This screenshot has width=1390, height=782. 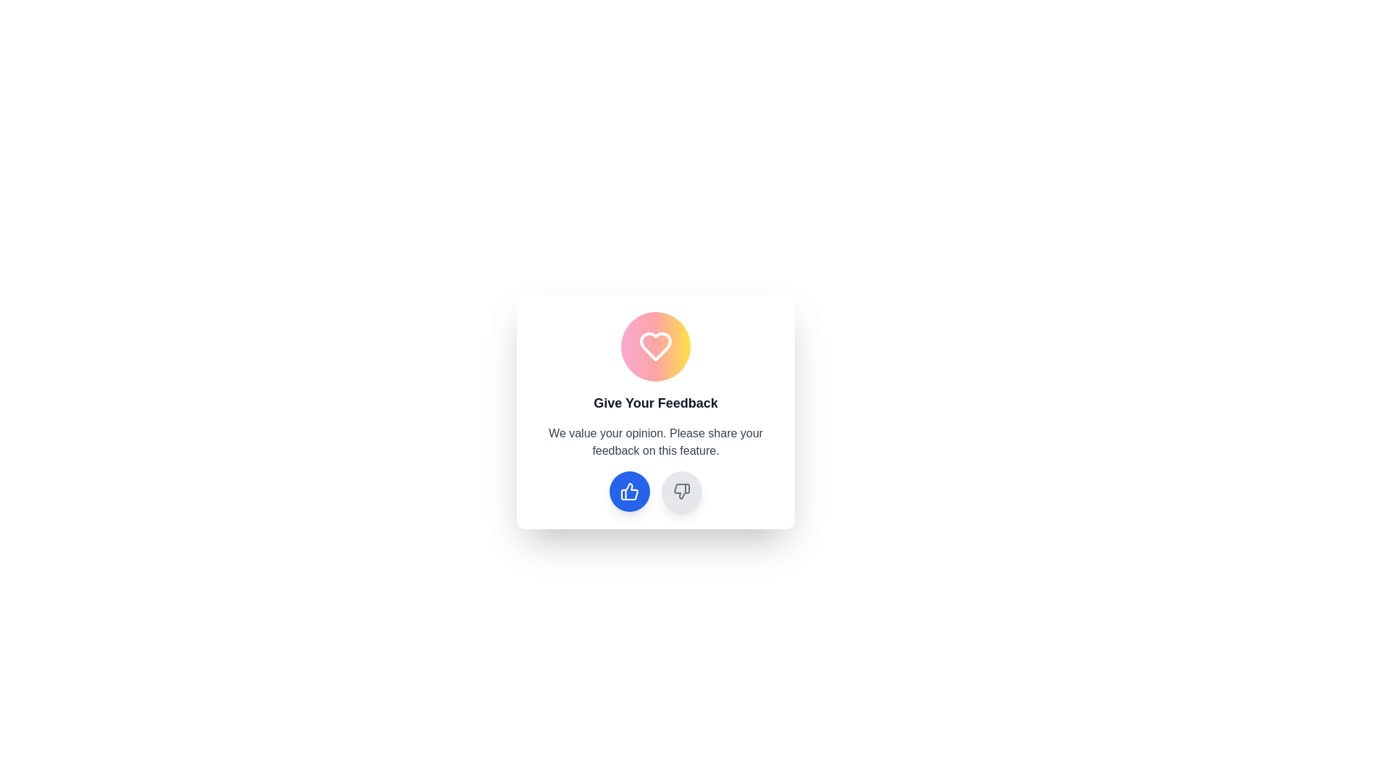 What do you see at coordinates (655, 490) in the screenshot?
I see `the right gray button in the feedback form card` at bounding box center [655, 490].